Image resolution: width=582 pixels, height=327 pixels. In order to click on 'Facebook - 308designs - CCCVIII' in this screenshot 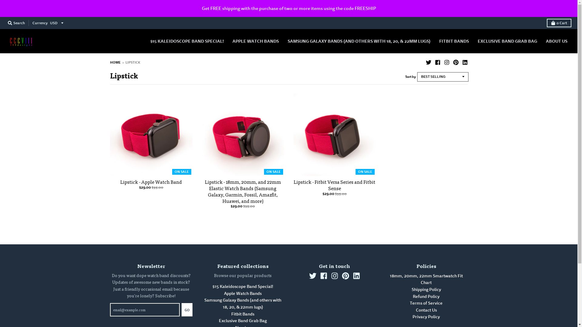, I will do `click(437, 62)`.